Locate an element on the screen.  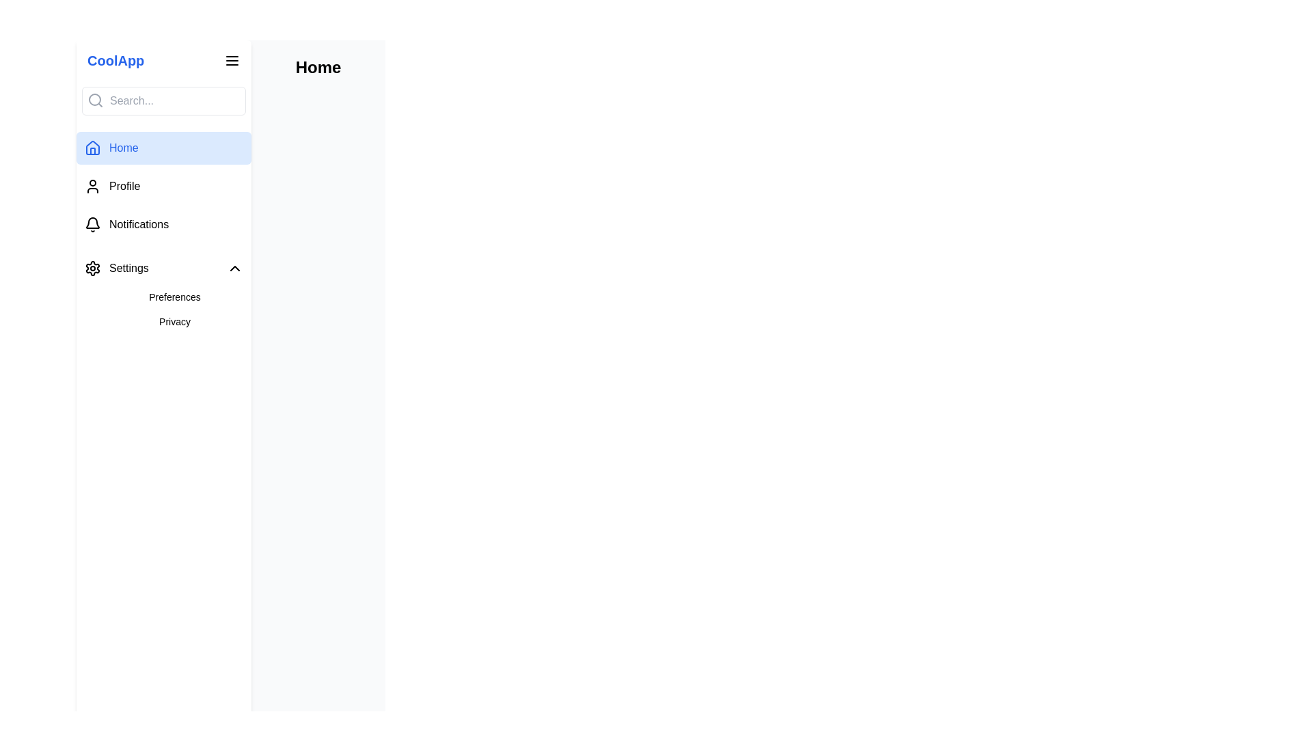
the branding text label located at the upper-left corner of the interface, which serves to identify the application is located at coordinates (115, 59).